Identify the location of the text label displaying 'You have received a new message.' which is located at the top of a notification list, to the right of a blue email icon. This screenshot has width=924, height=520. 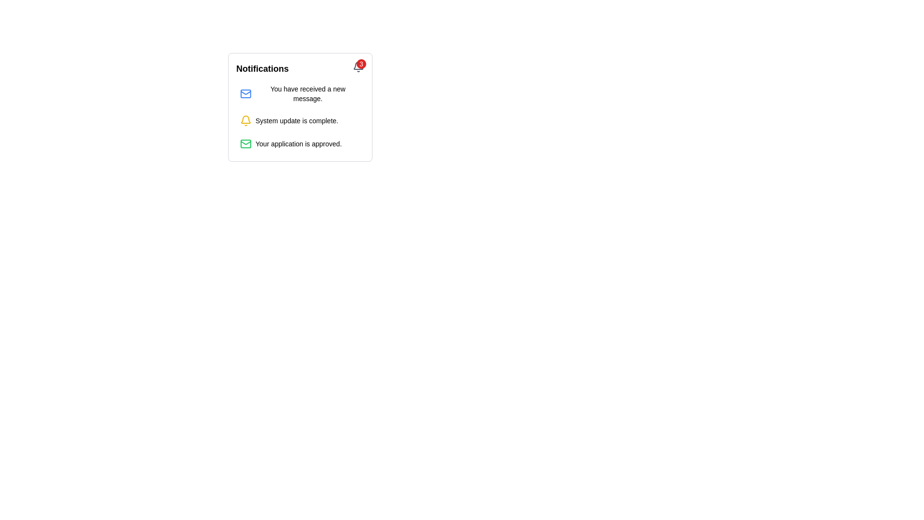
(307, 94).